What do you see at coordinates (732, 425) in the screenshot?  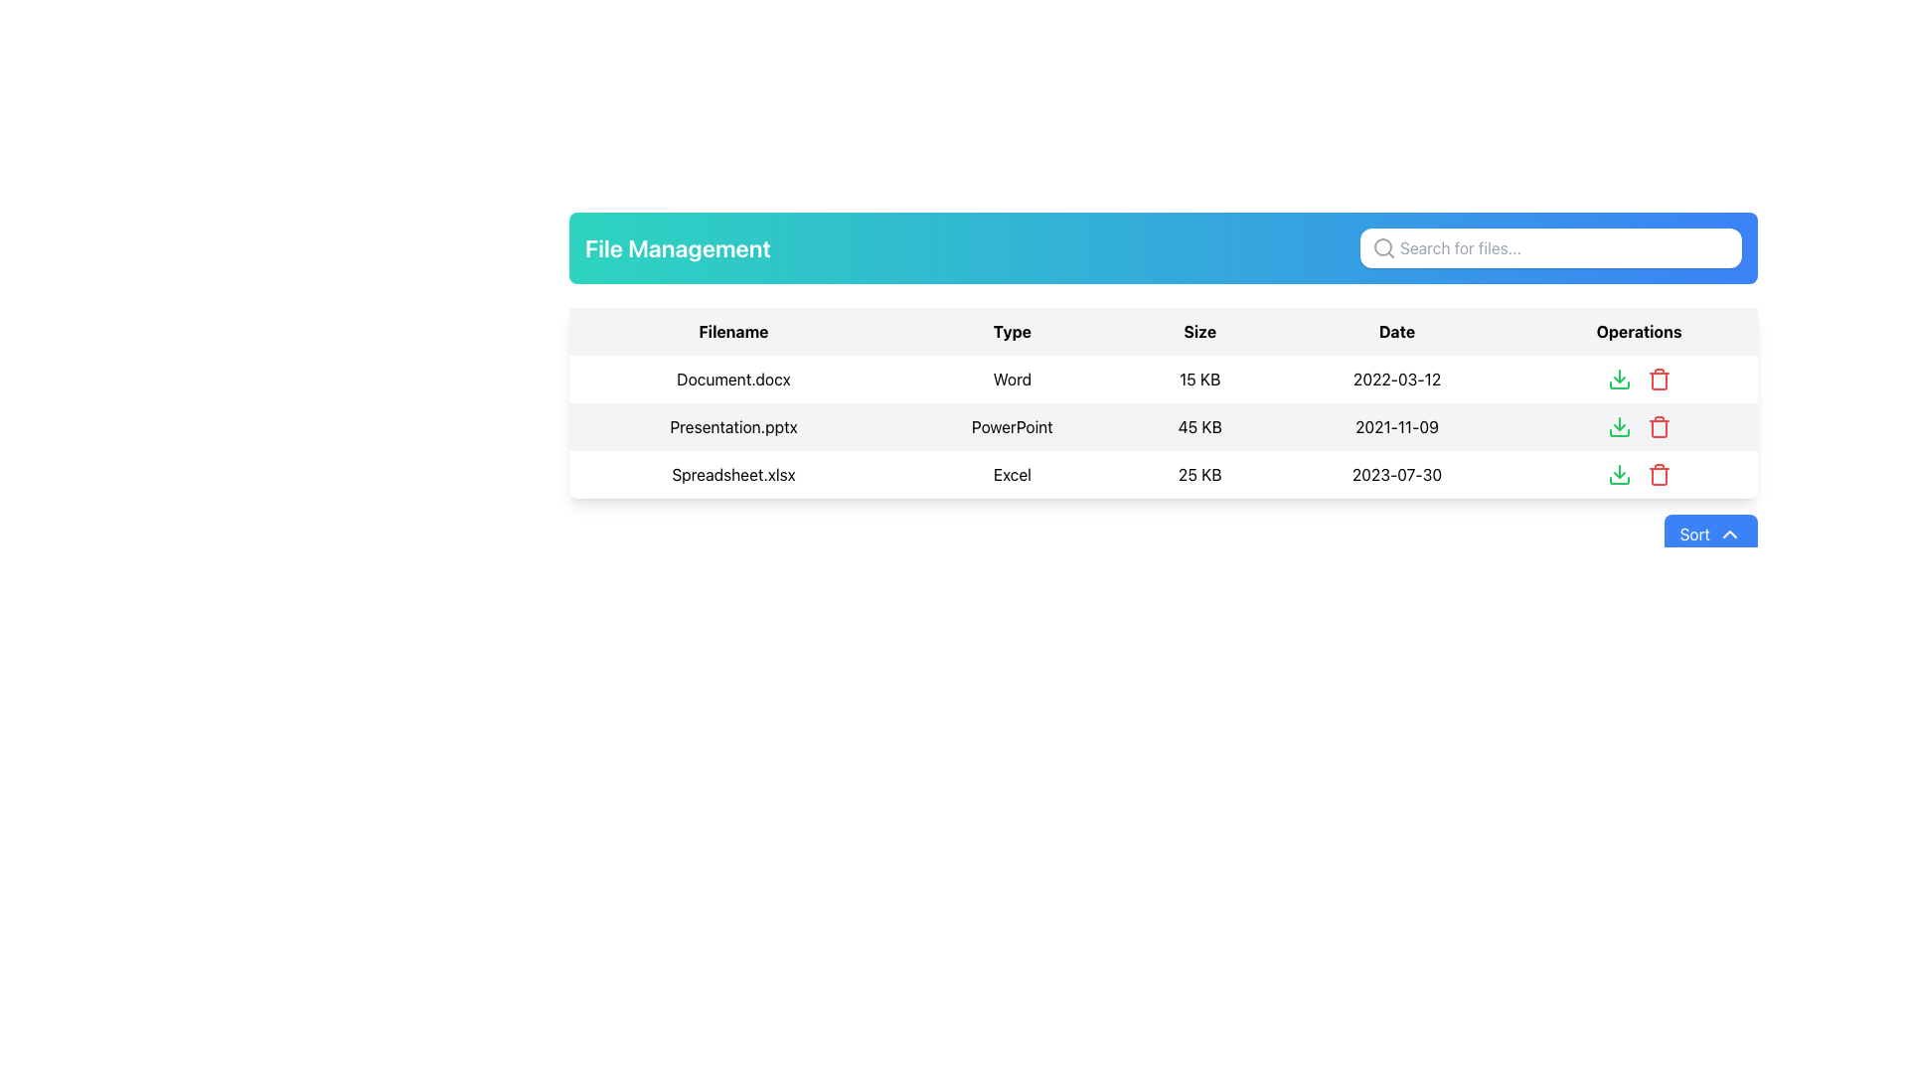 I see `the filename text 'Presentation.pptx' located in the second row under the 'Filename' column of the file management interface` at bounding box center [732, 425].